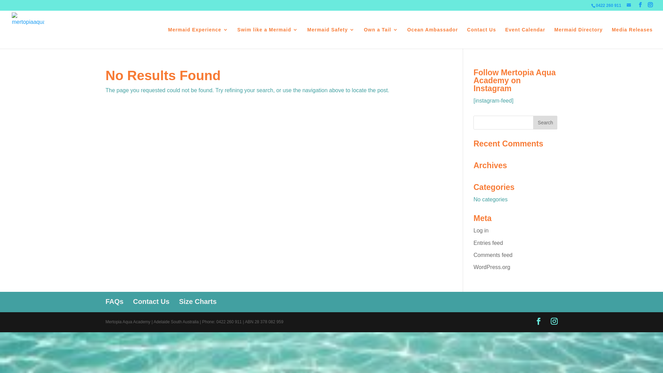  Describe the element at coordinates (554, 38) in the screenshot. I see `'Mermaid Directory'` at that location.